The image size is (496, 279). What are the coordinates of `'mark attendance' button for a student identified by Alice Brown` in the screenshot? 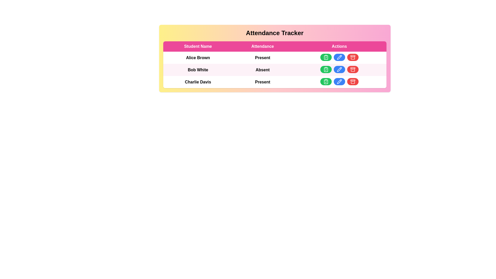 It's located at (326, 57).